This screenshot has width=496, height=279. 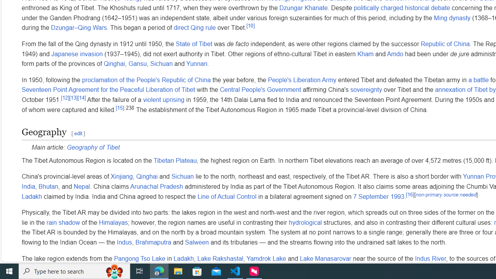 What do you see at coordinates (410, 194) in the screenshot?
I see `'[16]'` at bounding box center [410, 194].